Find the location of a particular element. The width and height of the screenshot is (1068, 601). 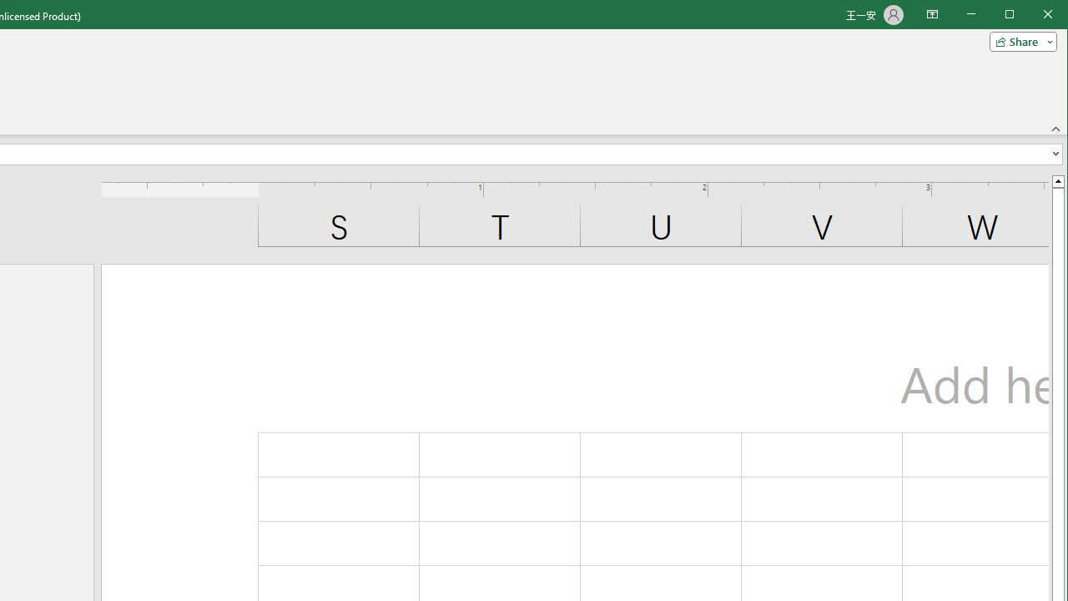

'Minimize' is located at coordinates (1014, 16).